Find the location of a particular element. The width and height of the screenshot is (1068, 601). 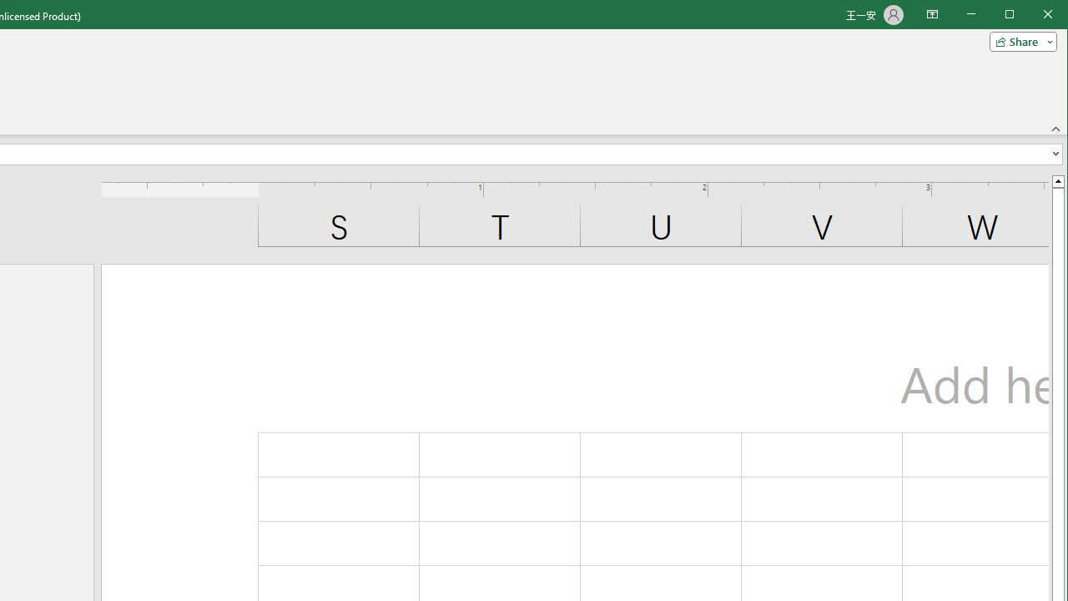

'Minimize' is located at coordinates (1014, 16).